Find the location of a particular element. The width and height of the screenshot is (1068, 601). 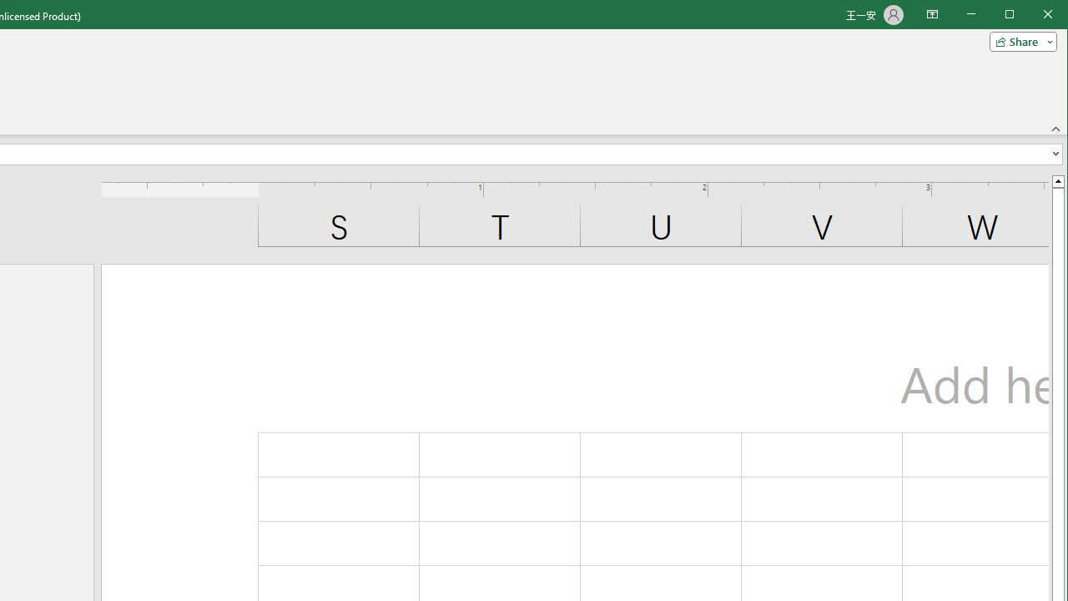

'Minimize' is located at coordinates (1014, 16).